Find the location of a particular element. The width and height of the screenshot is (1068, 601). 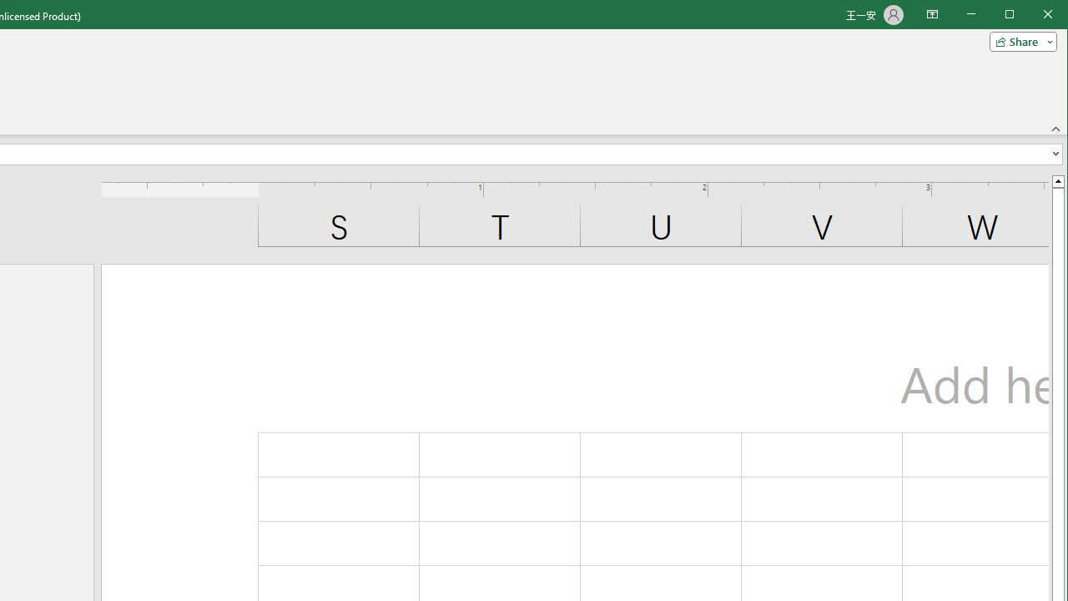

'Minimize' is located at coordinates (1014, 16).